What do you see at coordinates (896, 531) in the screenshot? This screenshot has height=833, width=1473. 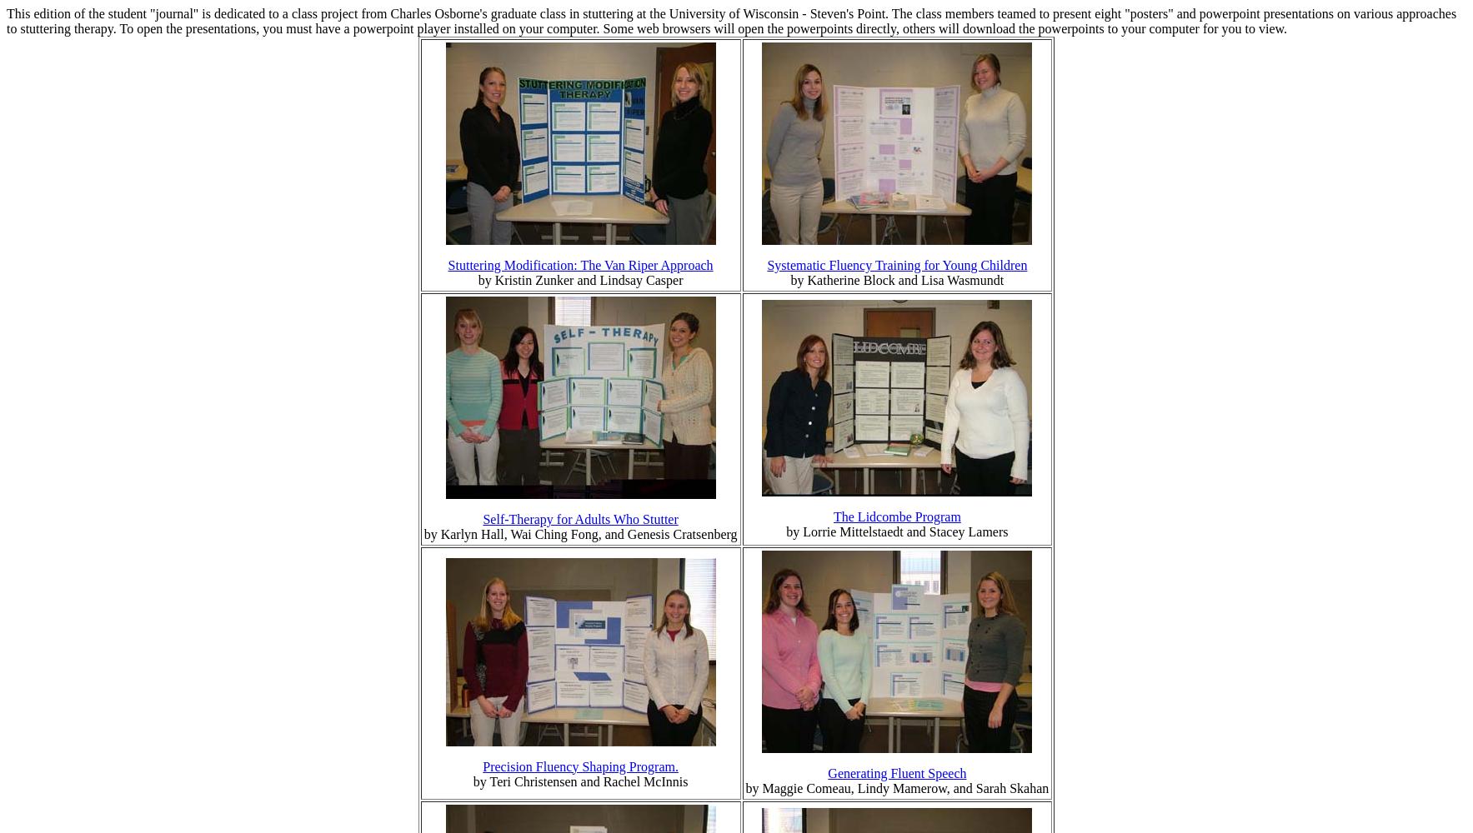 I see `'by Lorrie Mittelstaedt and Stacey Lamers'` at bounding box center [896, 531].